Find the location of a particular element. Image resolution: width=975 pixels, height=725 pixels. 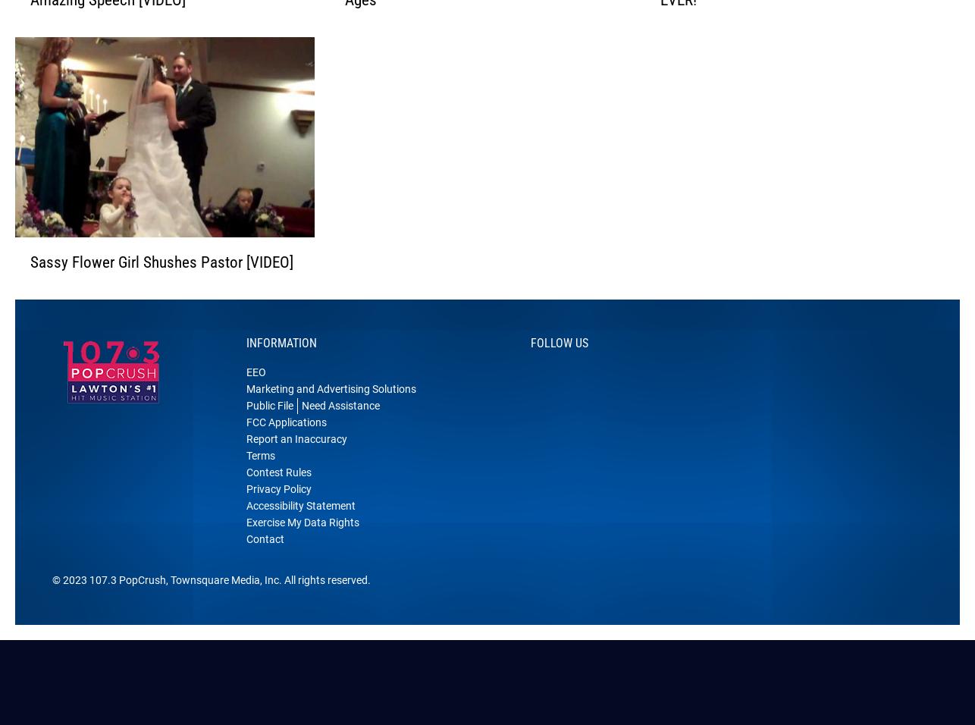

'. All rights reserved.' is located at coordinates (324, 598).